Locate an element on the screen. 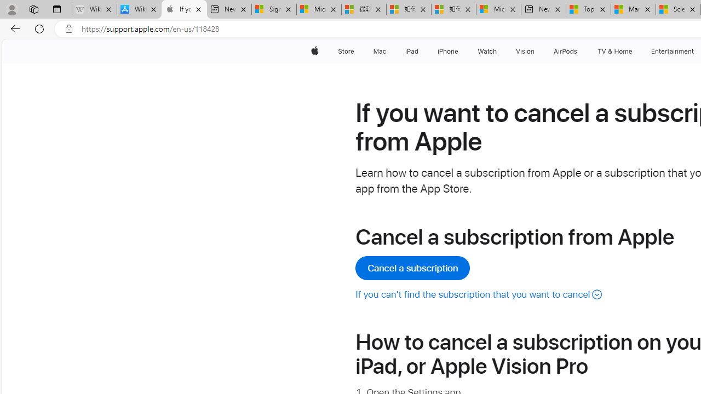 The height and width of the screenshot is (394, 701). 'Mac menu' is located at coordinates (388, 51).